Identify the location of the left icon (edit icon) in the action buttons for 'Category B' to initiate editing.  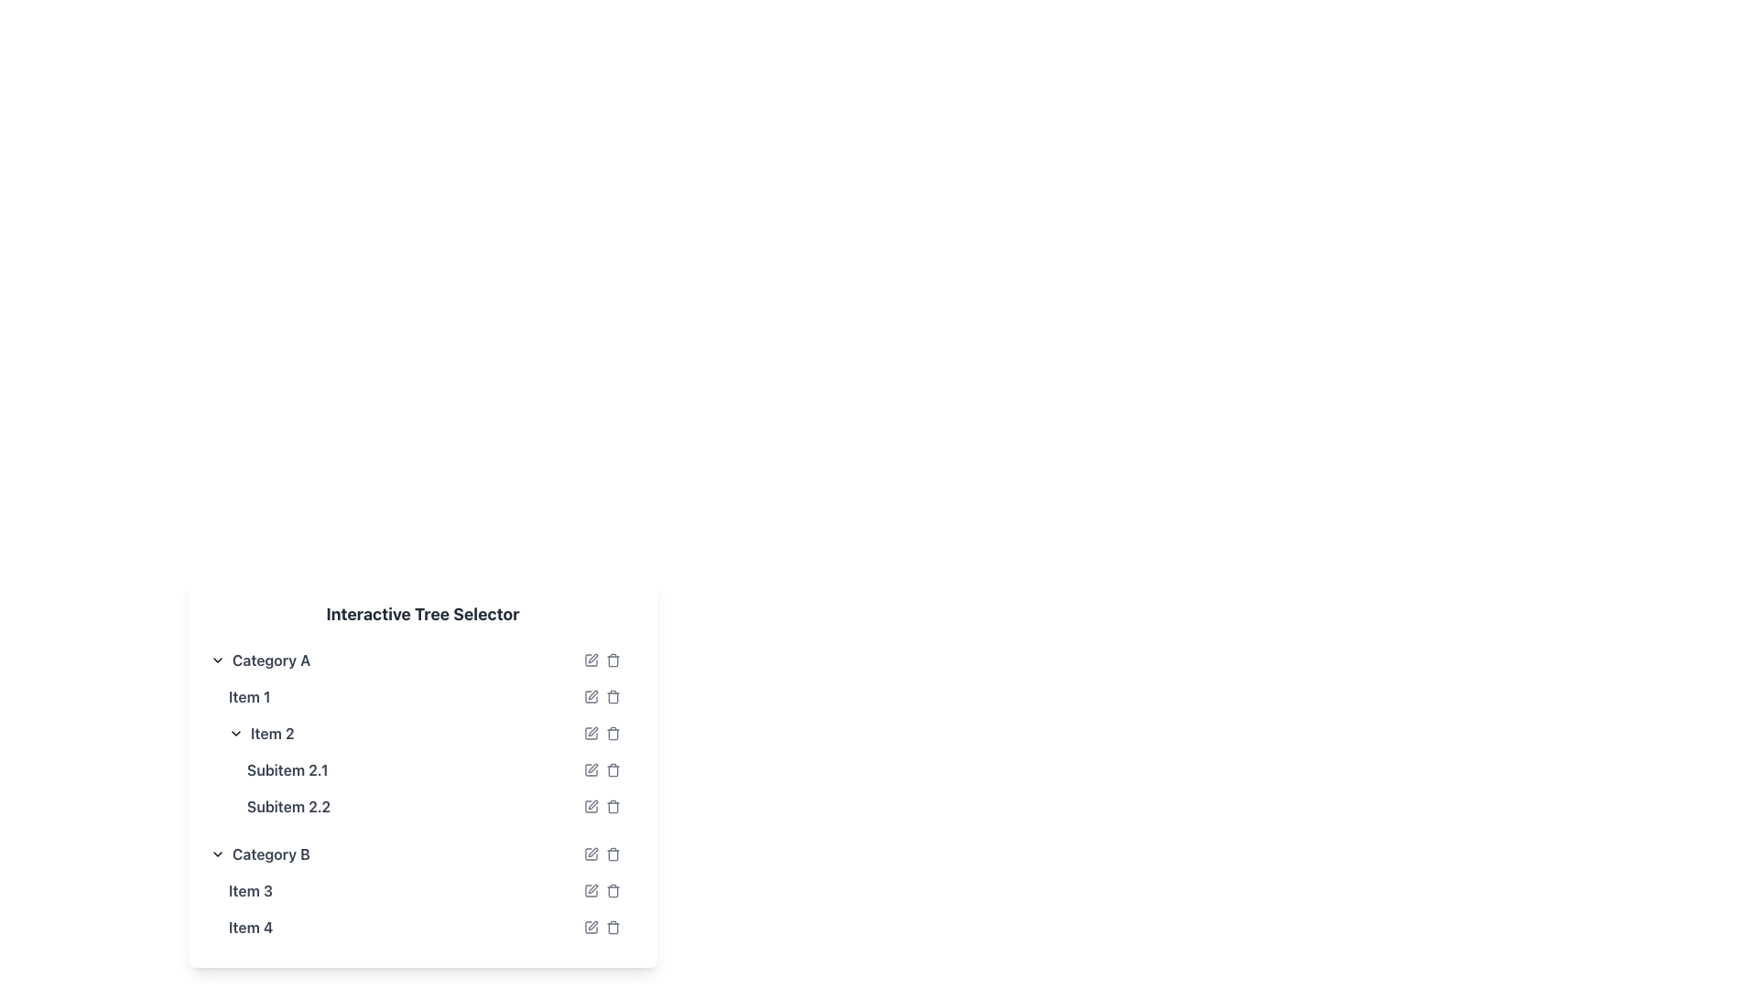
(602, 854).